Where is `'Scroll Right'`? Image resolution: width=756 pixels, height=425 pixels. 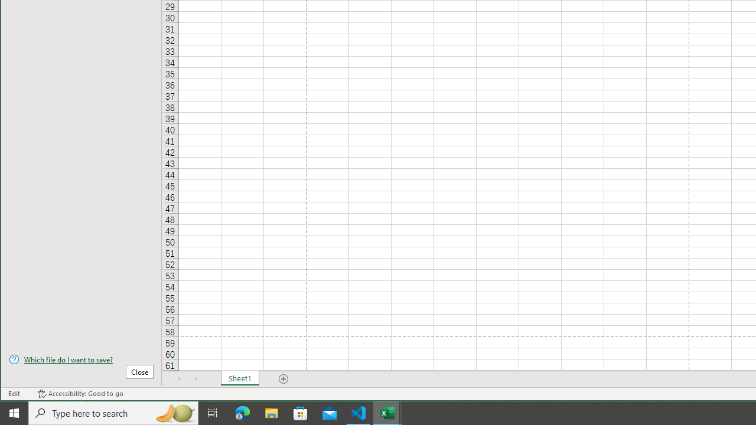 'Scroll Right' is located at coordinates (195, 378).